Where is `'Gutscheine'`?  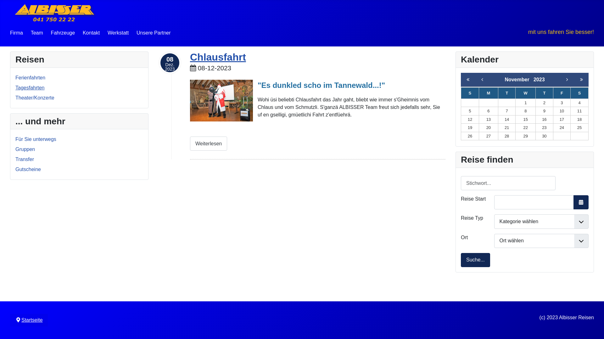
'Gutscheine' is located at coordinates (28, 169).